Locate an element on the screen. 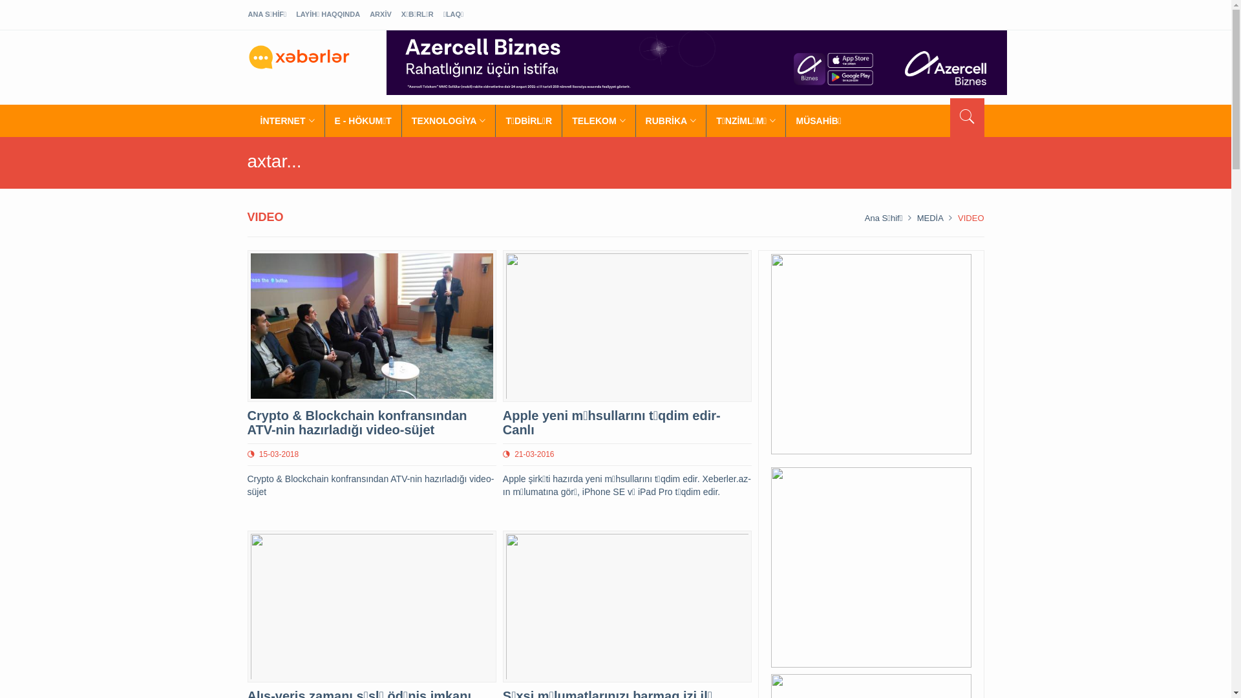  'TELEKOM' is located at coordinates (598, 120).